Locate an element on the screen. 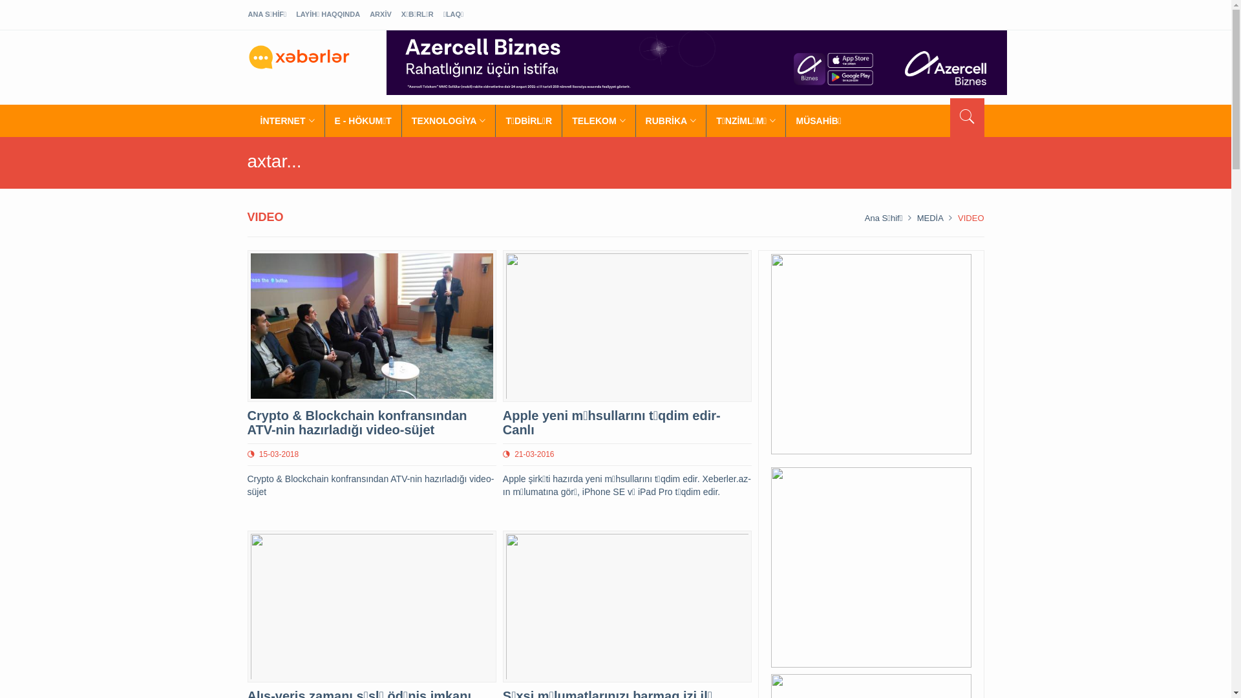  'TELEKOM' is located at coordinates (598, 120).